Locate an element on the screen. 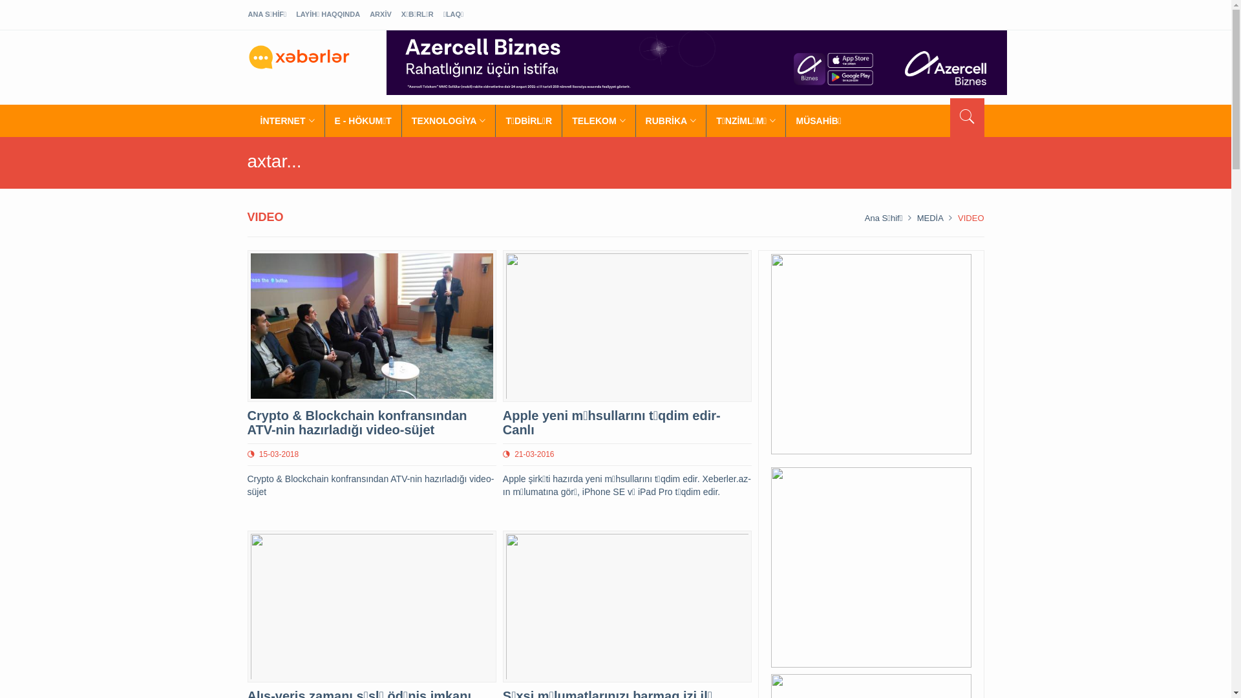  'TELEKOM' is located at coordinates (598, 120).